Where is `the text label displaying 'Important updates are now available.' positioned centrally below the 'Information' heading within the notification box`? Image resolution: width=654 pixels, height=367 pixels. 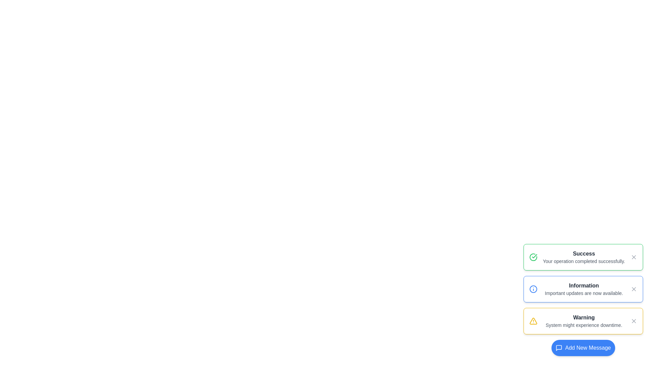
the text label displaying 'Important updates are now available.' positioned centrally below the 'Information' heading within the notification box is located at coordinates (583, 293).